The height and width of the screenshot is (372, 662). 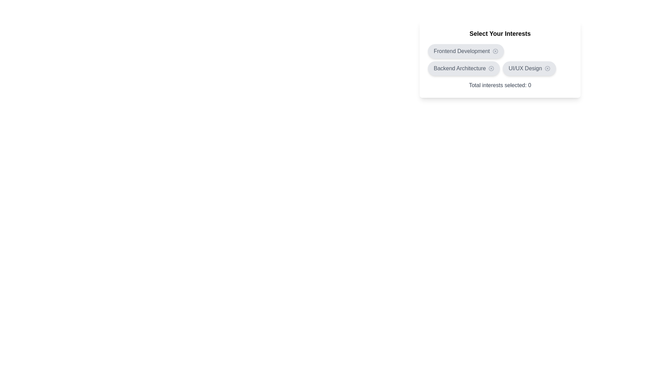 I want to click on the Close or Remove Button located on the rightmost side of the 'UI/UX Design' button, so click(x=547, y=69).